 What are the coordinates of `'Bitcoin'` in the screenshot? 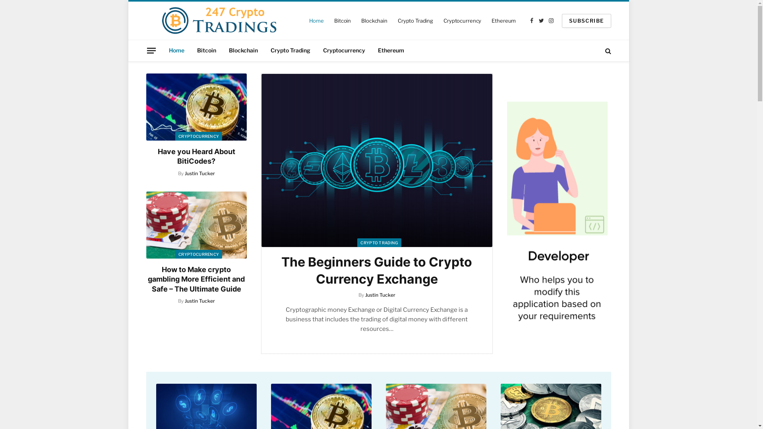 It's located at (206, 50).